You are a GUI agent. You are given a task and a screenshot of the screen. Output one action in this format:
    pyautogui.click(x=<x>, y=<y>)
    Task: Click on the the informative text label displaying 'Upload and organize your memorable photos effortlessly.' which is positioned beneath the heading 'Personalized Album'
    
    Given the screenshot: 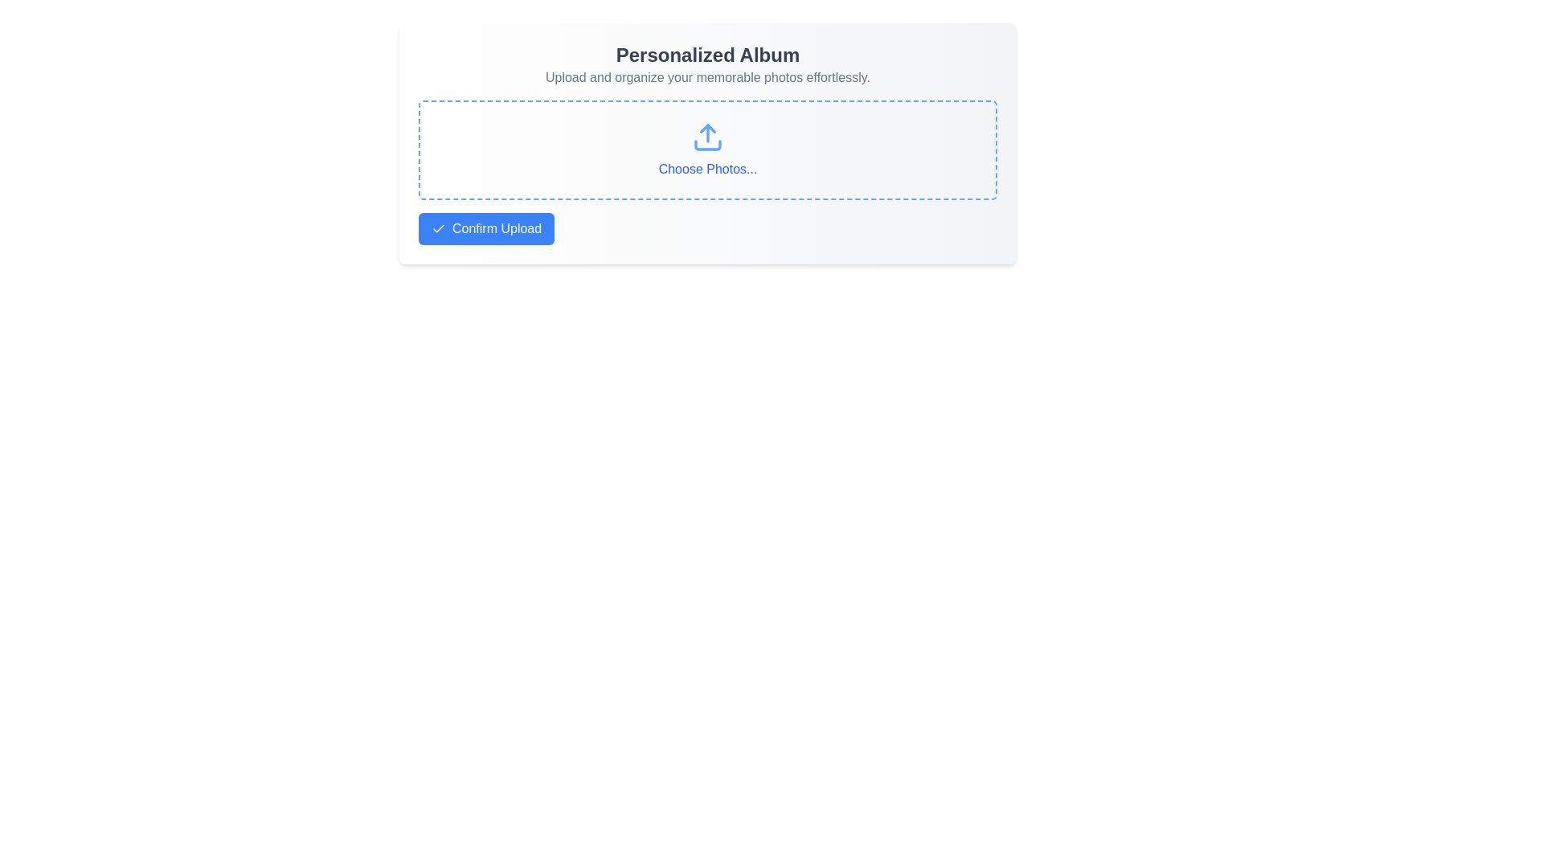 What is the action you would take?
    pyautogui.click(x=707, y=77)
    